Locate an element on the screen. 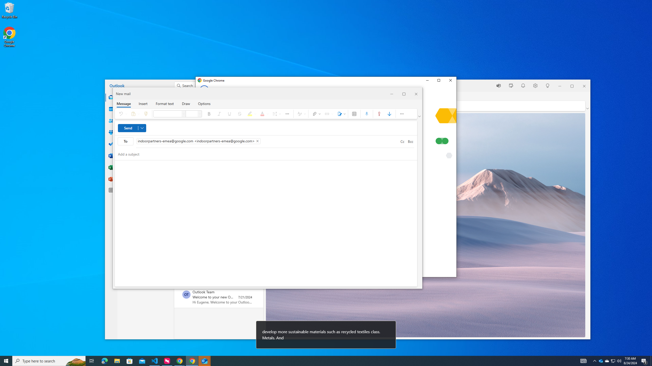 The height and width of the screenshot is (366, 652). 'System Promoted Notification Area' is located at coordinates (601, 360).